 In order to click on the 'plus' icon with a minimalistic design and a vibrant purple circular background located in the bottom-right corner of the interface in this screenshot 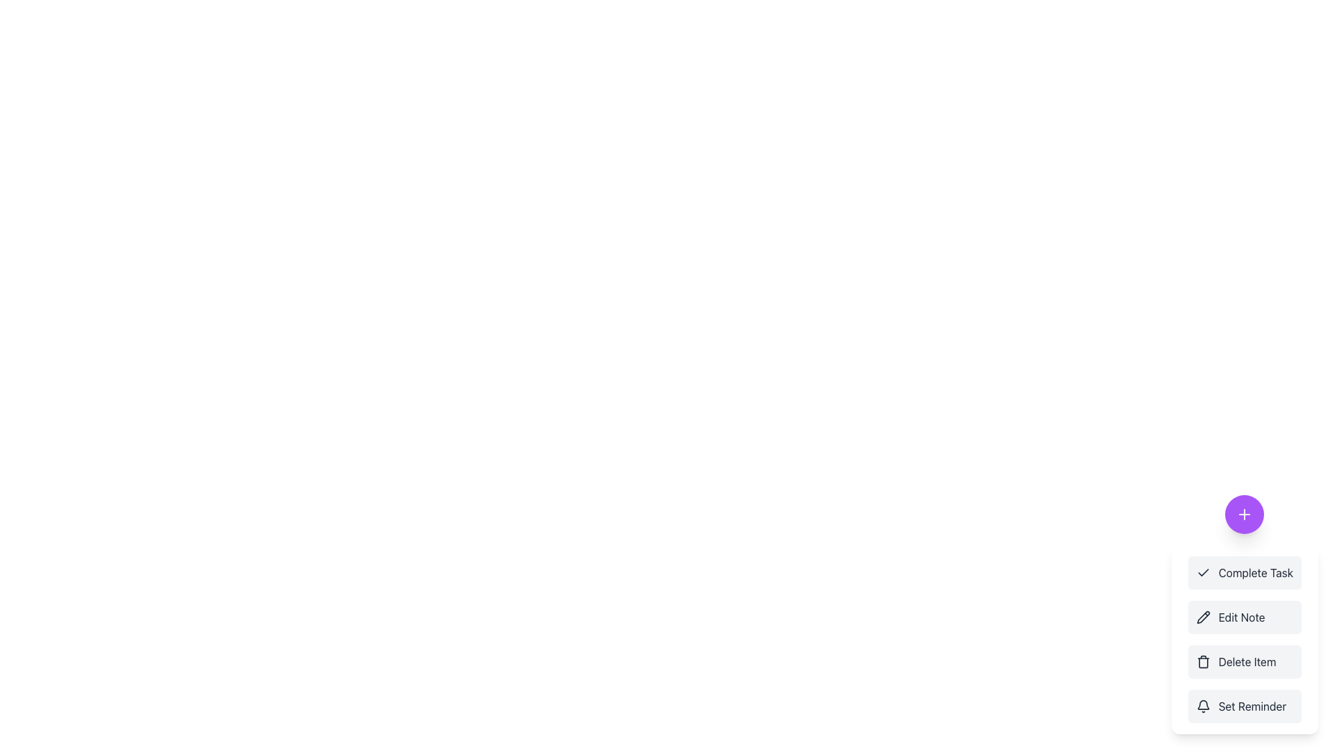, I will do `click(1245, 515)`.